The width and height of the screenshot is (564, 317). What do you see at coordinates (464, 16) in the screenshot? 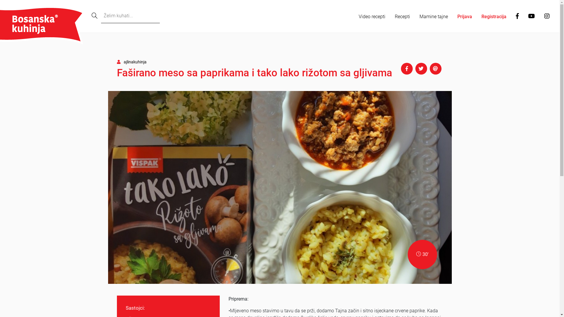
I see `'Prijava'` at bounding box center [464, 16].